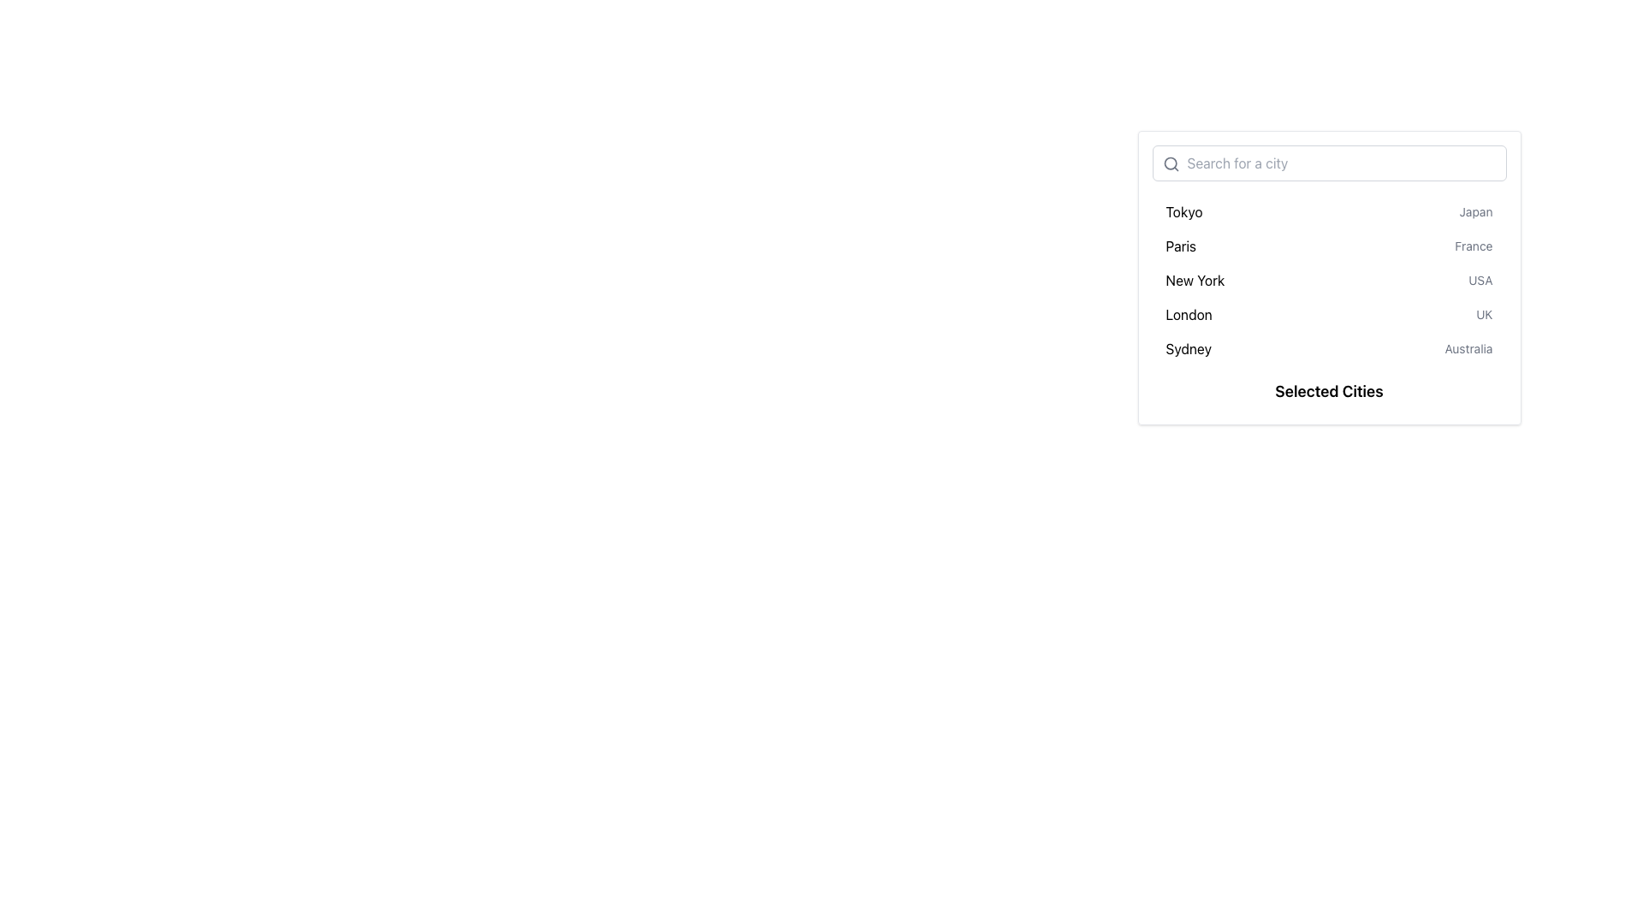  I want to click on the second list item displaying 'Paris' and 'France', so click(1328, 246).